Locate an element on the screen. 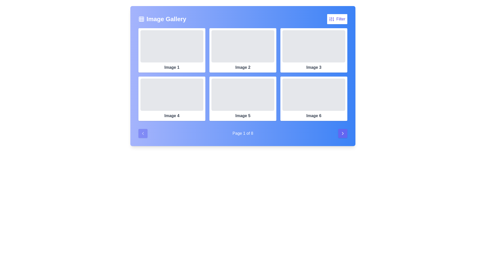 The height and width of the screenshot is (272, 485). the text label displaying 'Image 4', which is located at the bottom center of the card in the second row of the grid under 'Image Gallery' is located at coordinates (172, 116).